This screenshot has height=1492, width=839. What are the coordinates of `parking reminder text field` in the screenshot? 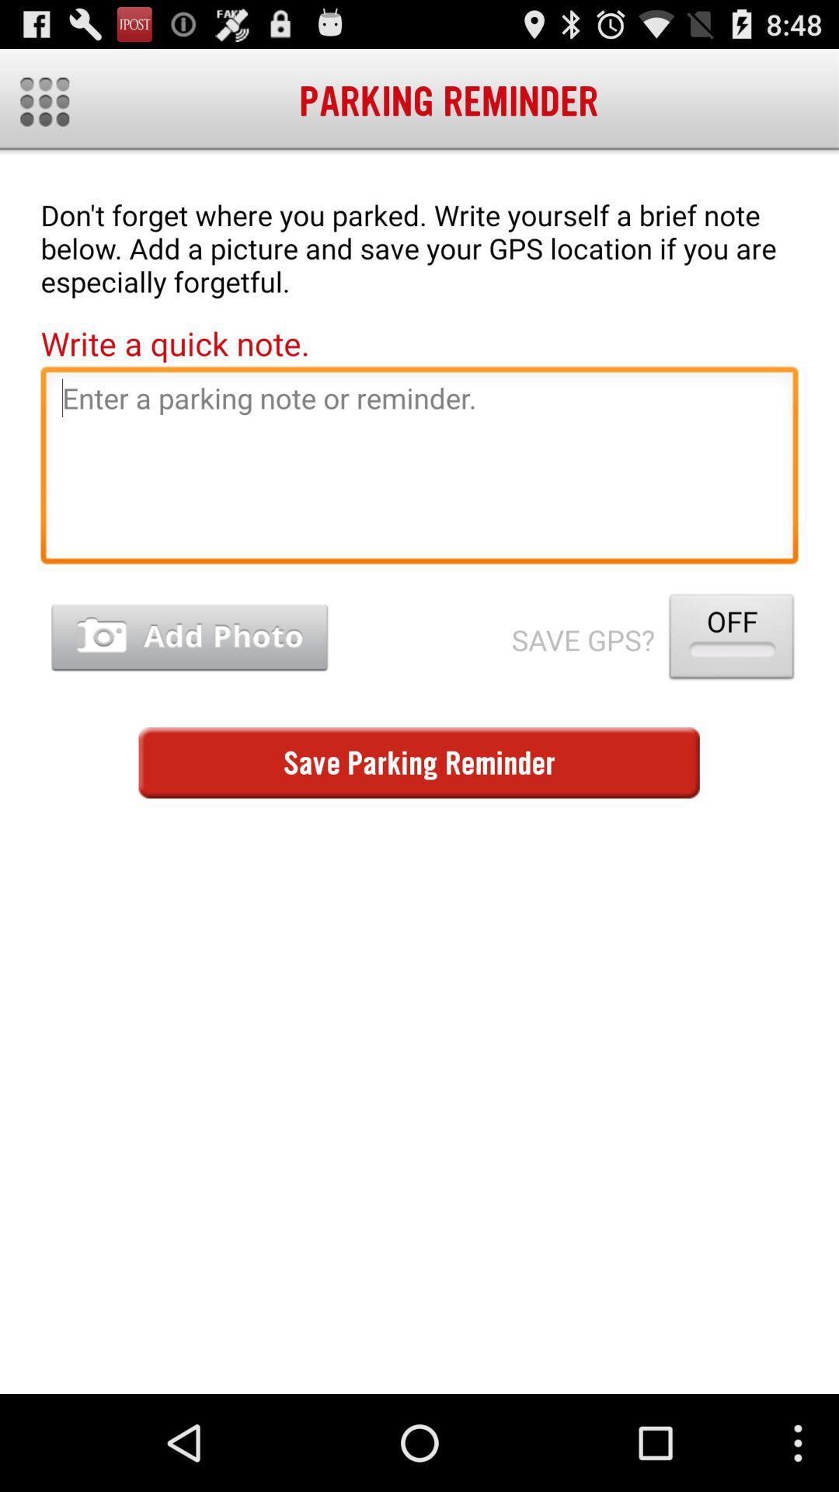 It's located at (419, 469).